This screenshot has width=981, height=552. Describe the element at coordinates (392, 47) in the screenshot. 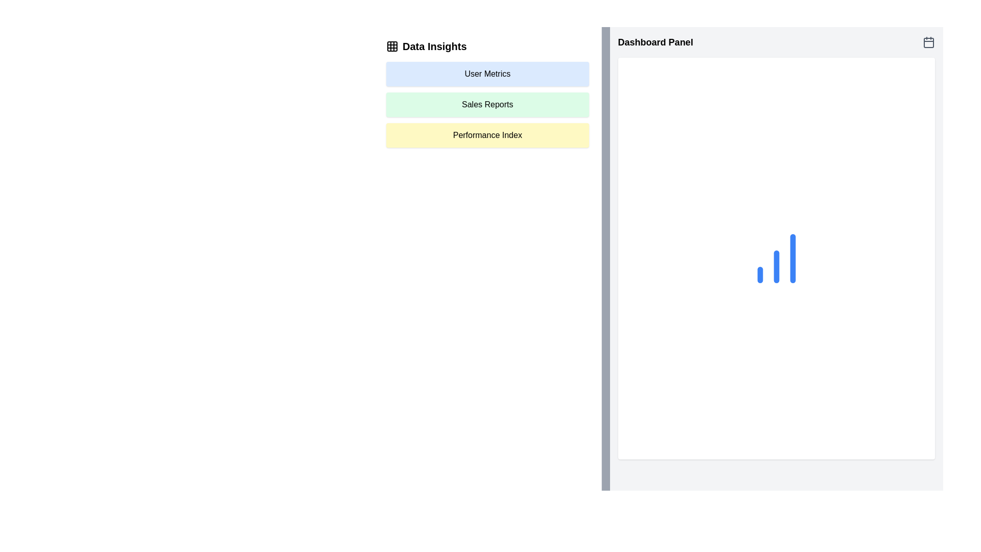

I see `the top-left square of the grid-like icon representing 'Data Insights'` at that location.